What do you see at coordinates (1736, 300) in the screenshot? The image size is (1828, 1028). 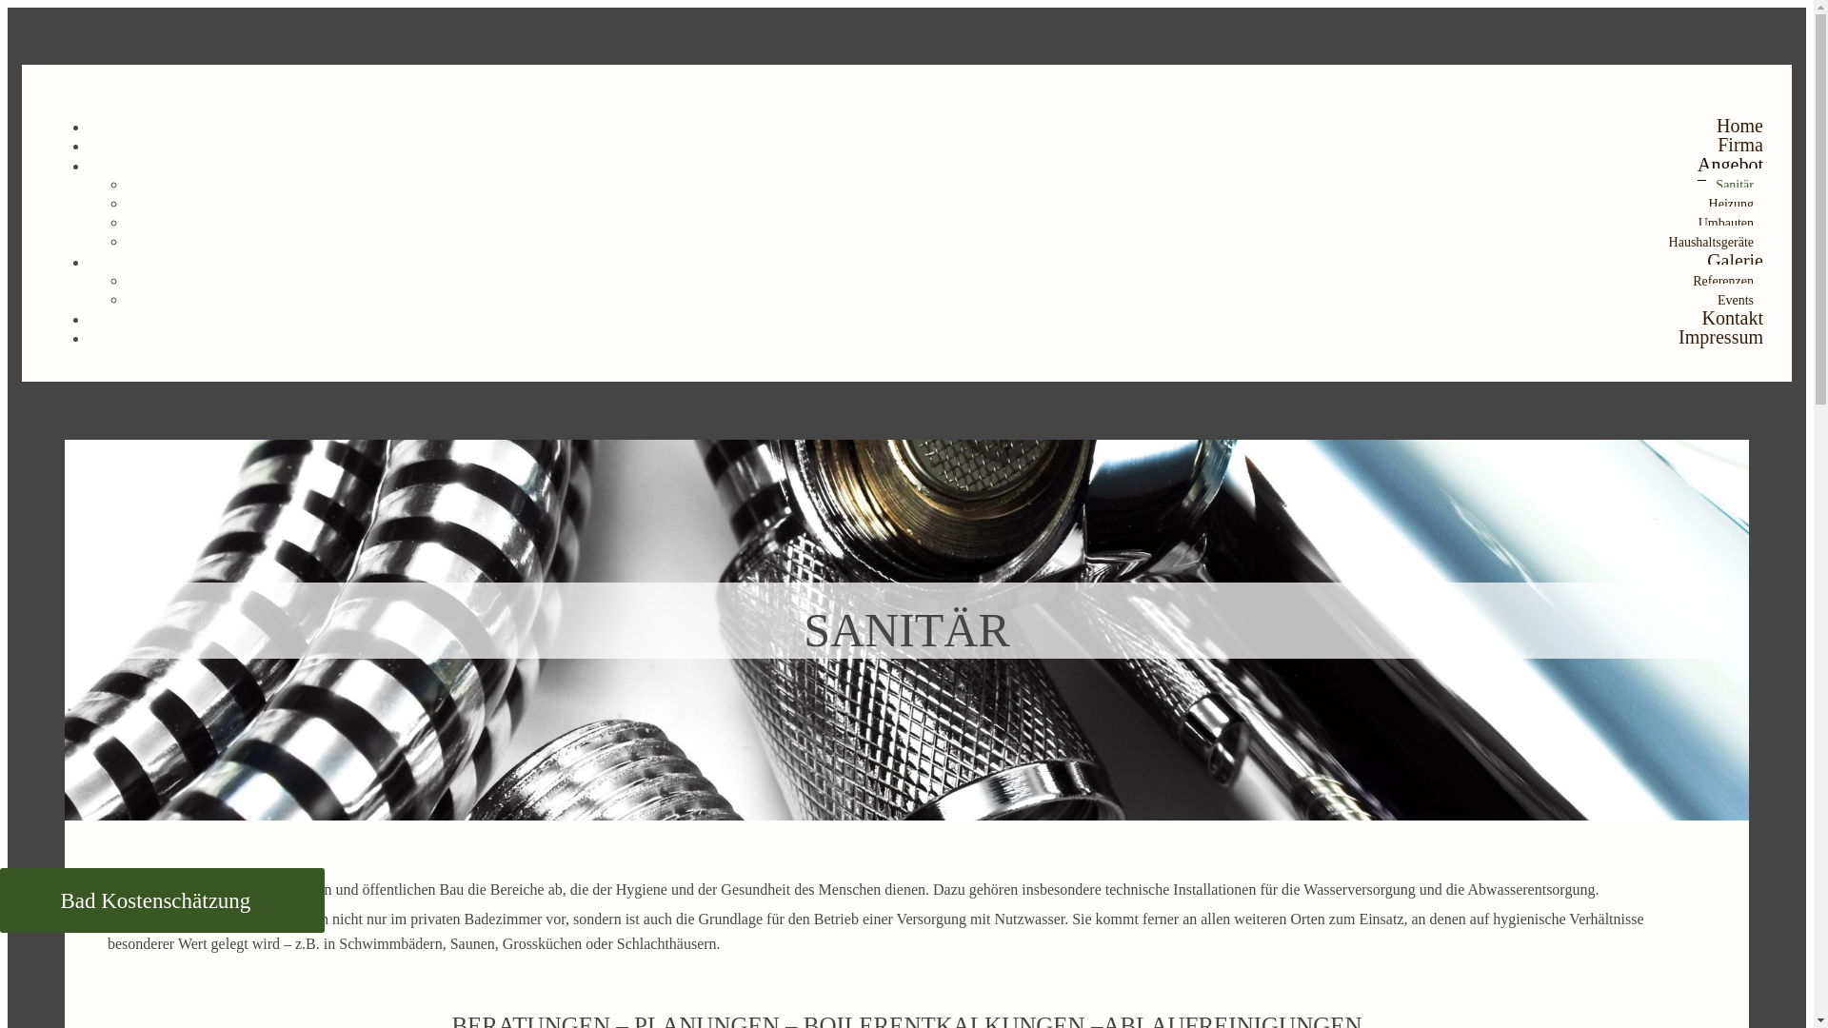 I see `'Events'` at bounding box center [1736, 300].